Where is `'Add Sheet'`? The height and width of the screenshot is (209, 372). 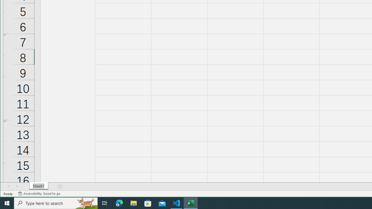
'Add Sheet' is located at coordinates (60, 186).